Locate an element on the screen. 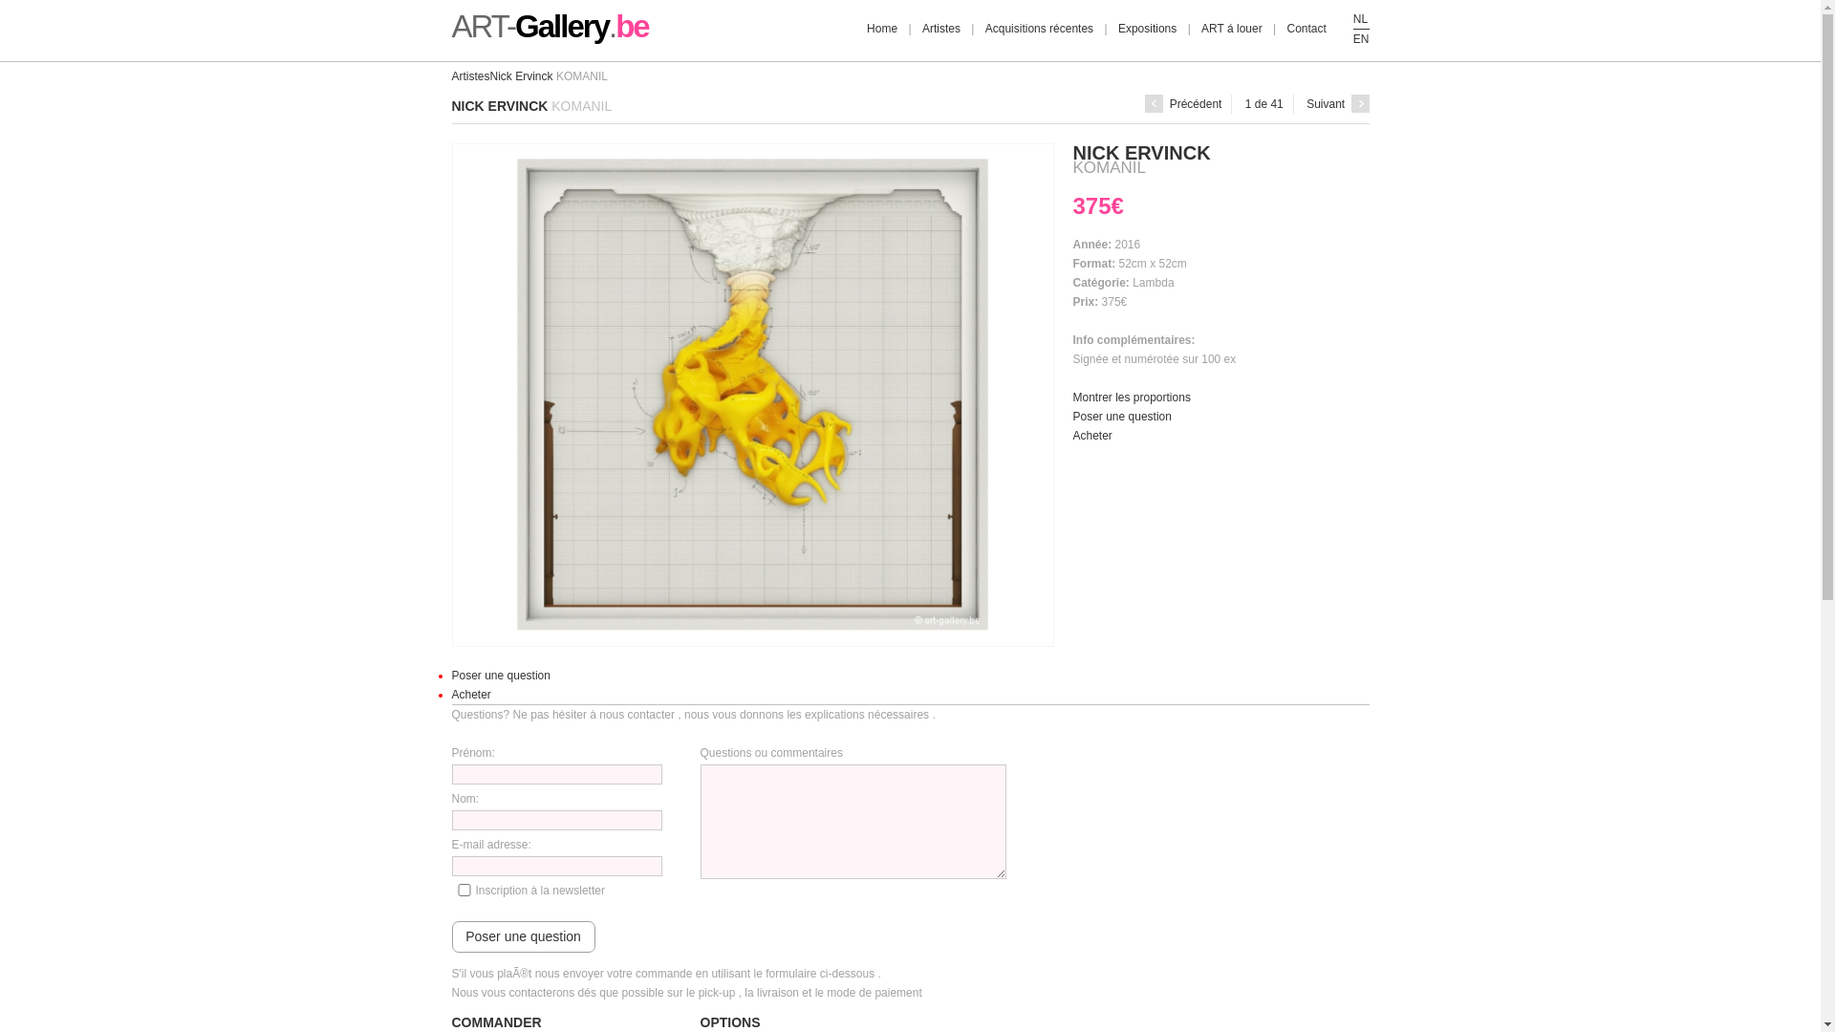  'NL' is located at coordinates (1359, 18).